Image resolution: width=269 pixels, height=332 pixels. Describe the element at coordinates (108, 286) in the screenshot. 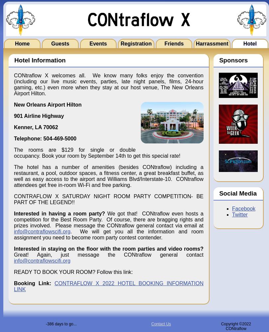

I see `'CONTRAFLOW X 2022 HOTEL BOOKING INFORMATION LINK'` at that location.